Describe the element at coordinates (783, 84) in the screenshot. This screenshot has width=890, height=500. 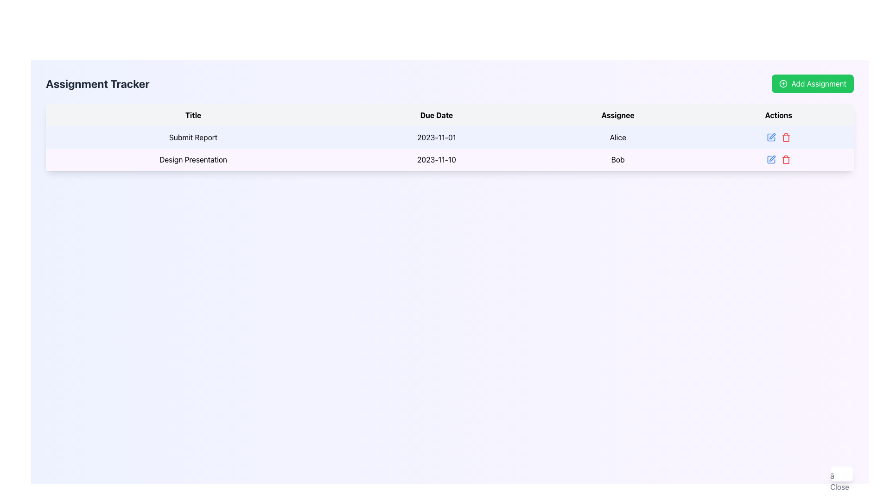
I see `the icon within the 'Add Assignment' button located to the left of the text label 'Add Assignment' in the top-right corner of the interface` at that location.